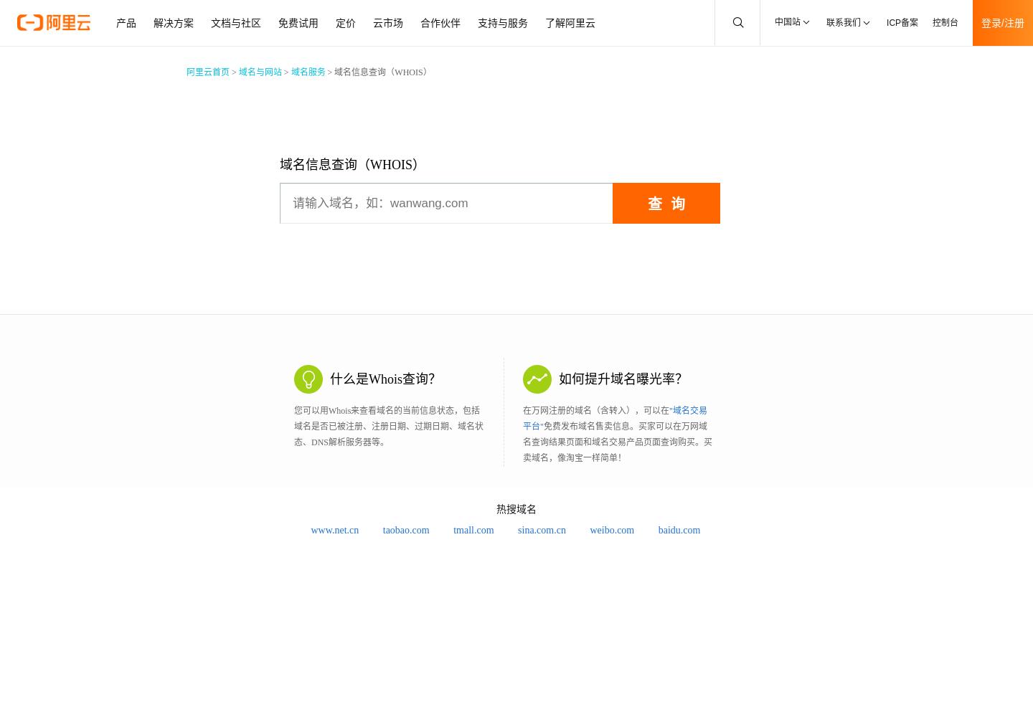 Image resolution: width=1033 pixels, height=717 pixels. Describe the element at coordinates (1002, 23) in the screenshot. I see `'登录/注册'` at that location.